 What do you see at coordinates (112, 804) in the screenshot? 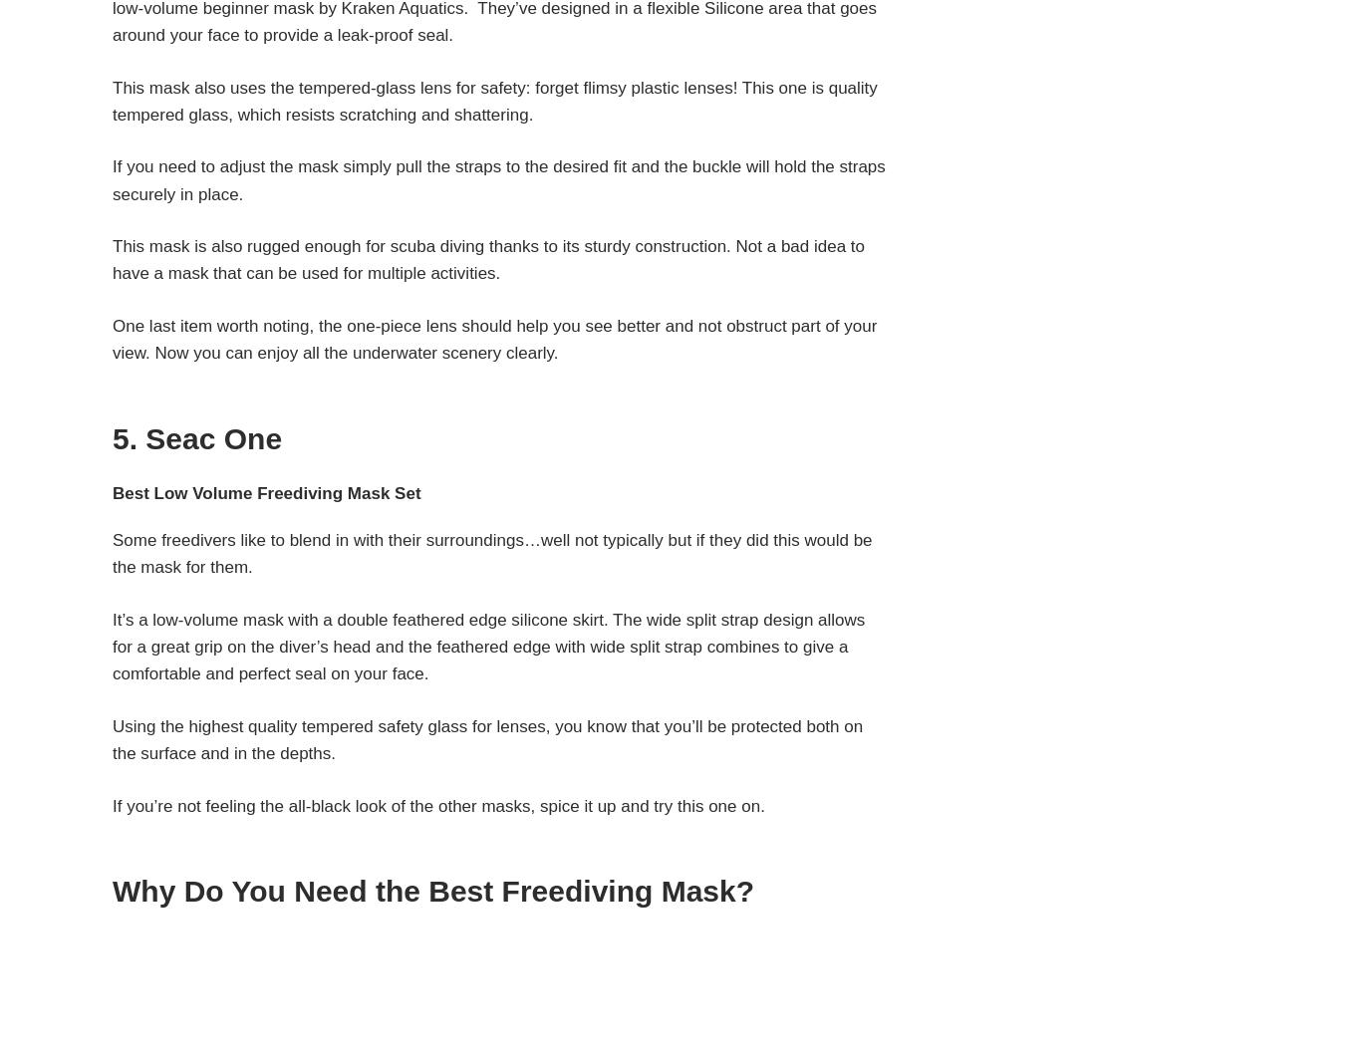
I see `'If you’re not feeling the all-black look of the other masks, spice it up and try this one on.'` at bounding box center [112, 804].